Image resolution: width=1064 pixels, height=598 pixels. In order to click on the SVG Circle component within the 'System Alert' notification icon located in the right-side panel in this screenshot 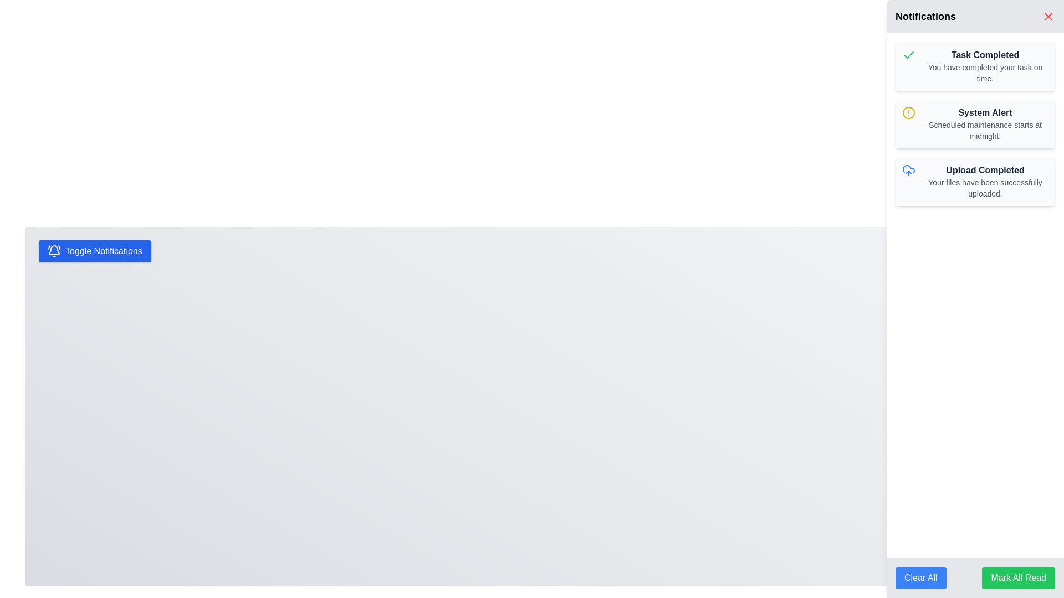, I will do `click(909, 113)`.